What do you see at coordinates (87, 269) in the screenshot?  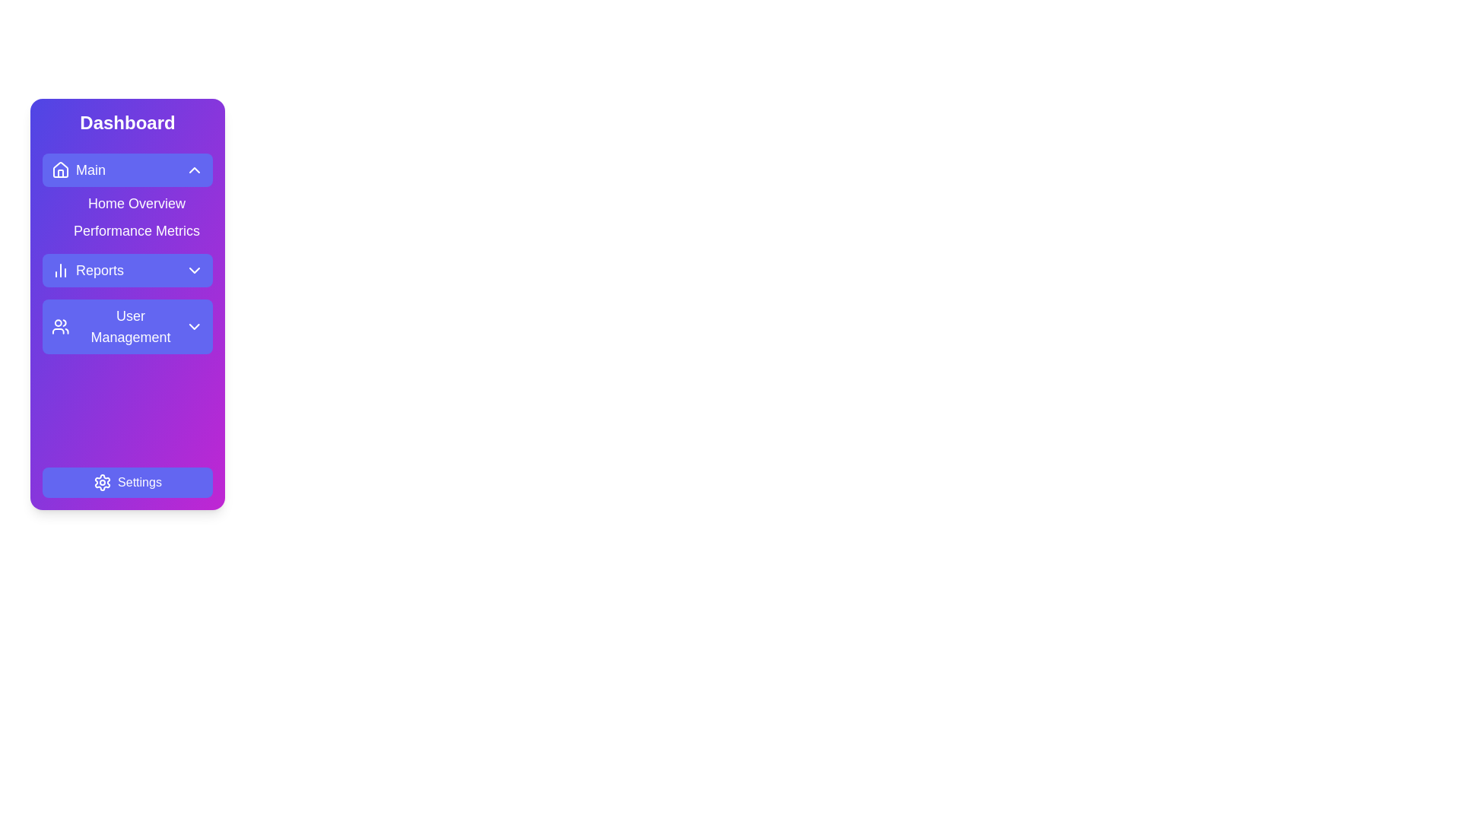 I see `the 'Reports' navigation label in the left sidebar menu, which contains text and an icon, positioned below 'Main' and above 'User Management'` at bounding box center [87, 269].